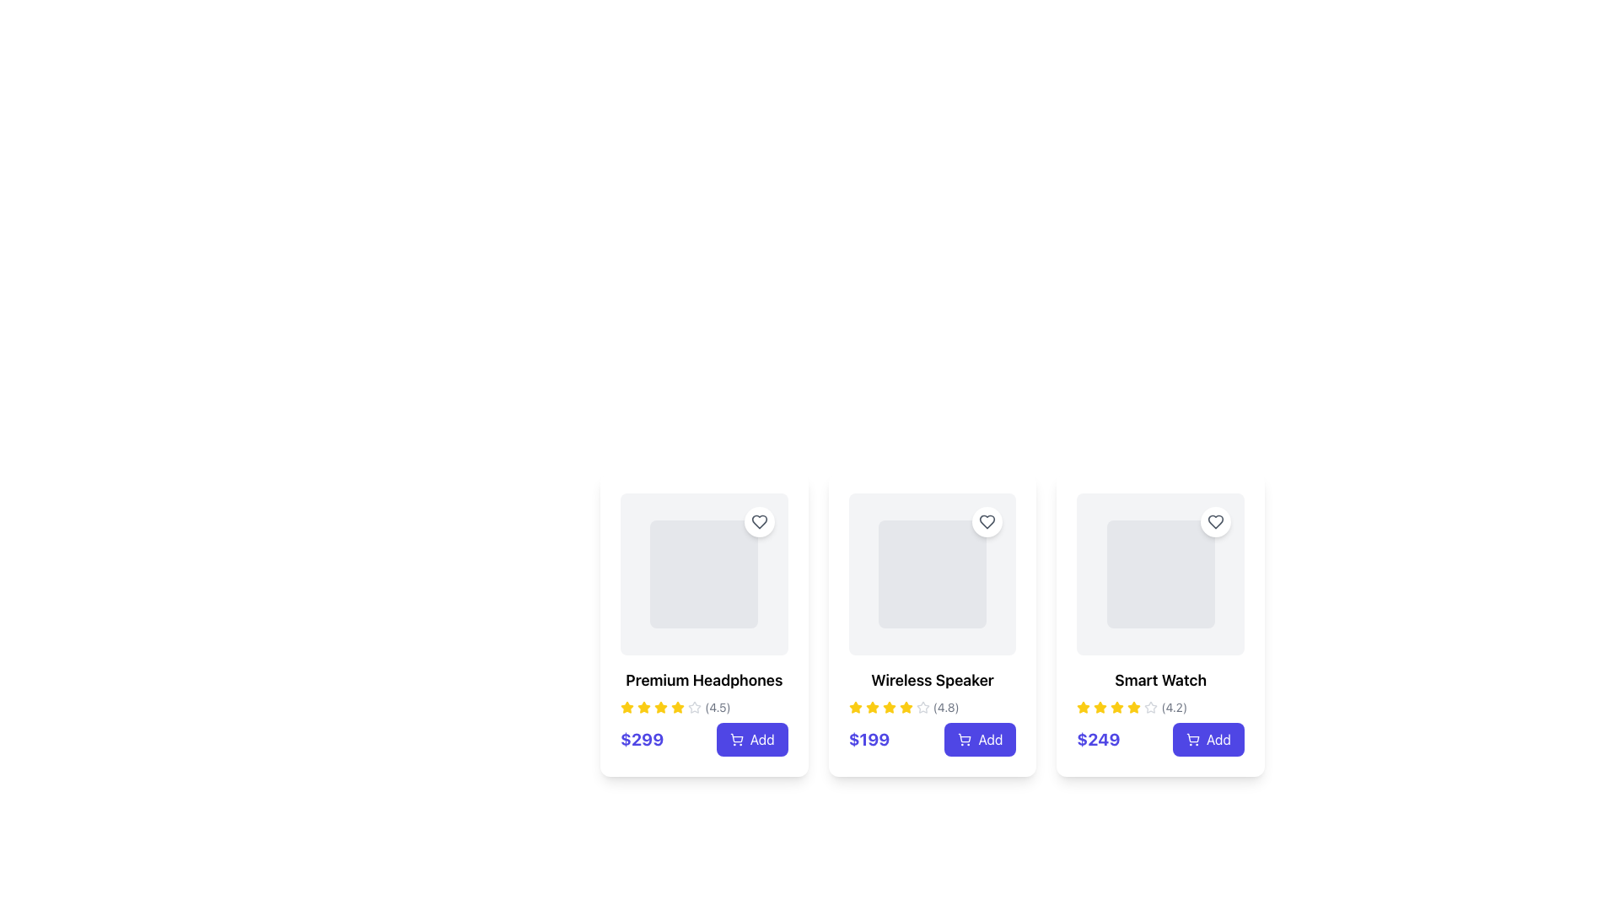 The height and width of the screenshot is (911, 1619). What do you see at coordinates (1159, 708) in the screenshot?
I see `the Rating display for the 'Smart Watch' product, which is located below the product title and above the price label` at bounding box center [1159, 708].